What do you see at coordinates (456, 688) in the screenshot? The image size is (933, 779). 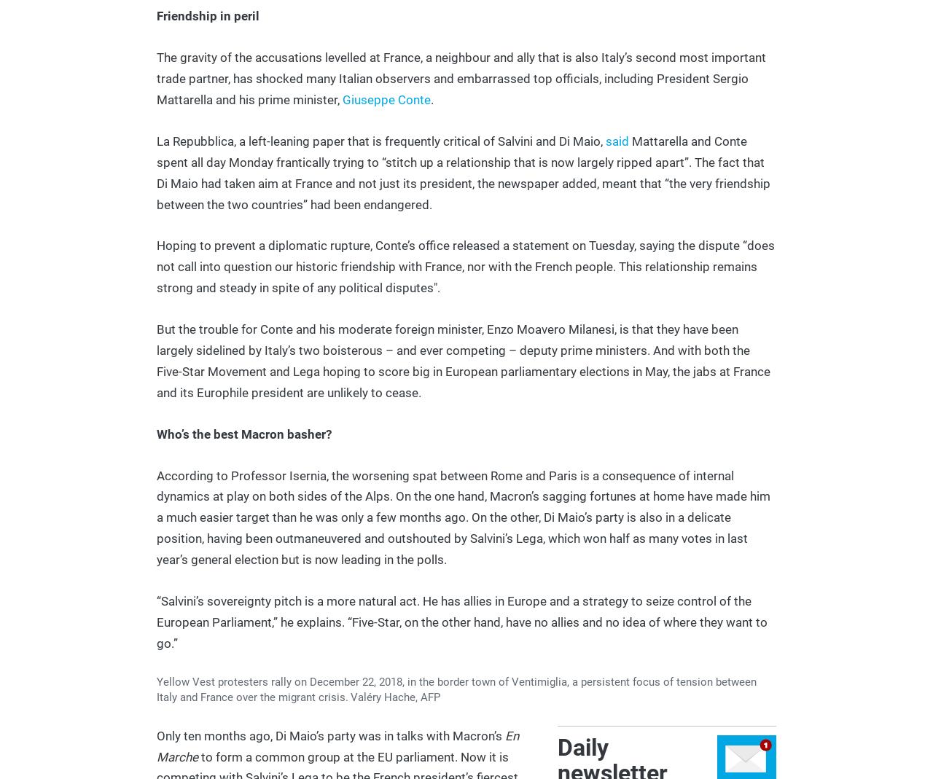 I see `'Yellow Vest protesters rally on December 22, 2018, in the border town of Ventimiglia, a persistent focus of tension between Italy and France over the migrant crisis.'` at bounding box center [456, 688].